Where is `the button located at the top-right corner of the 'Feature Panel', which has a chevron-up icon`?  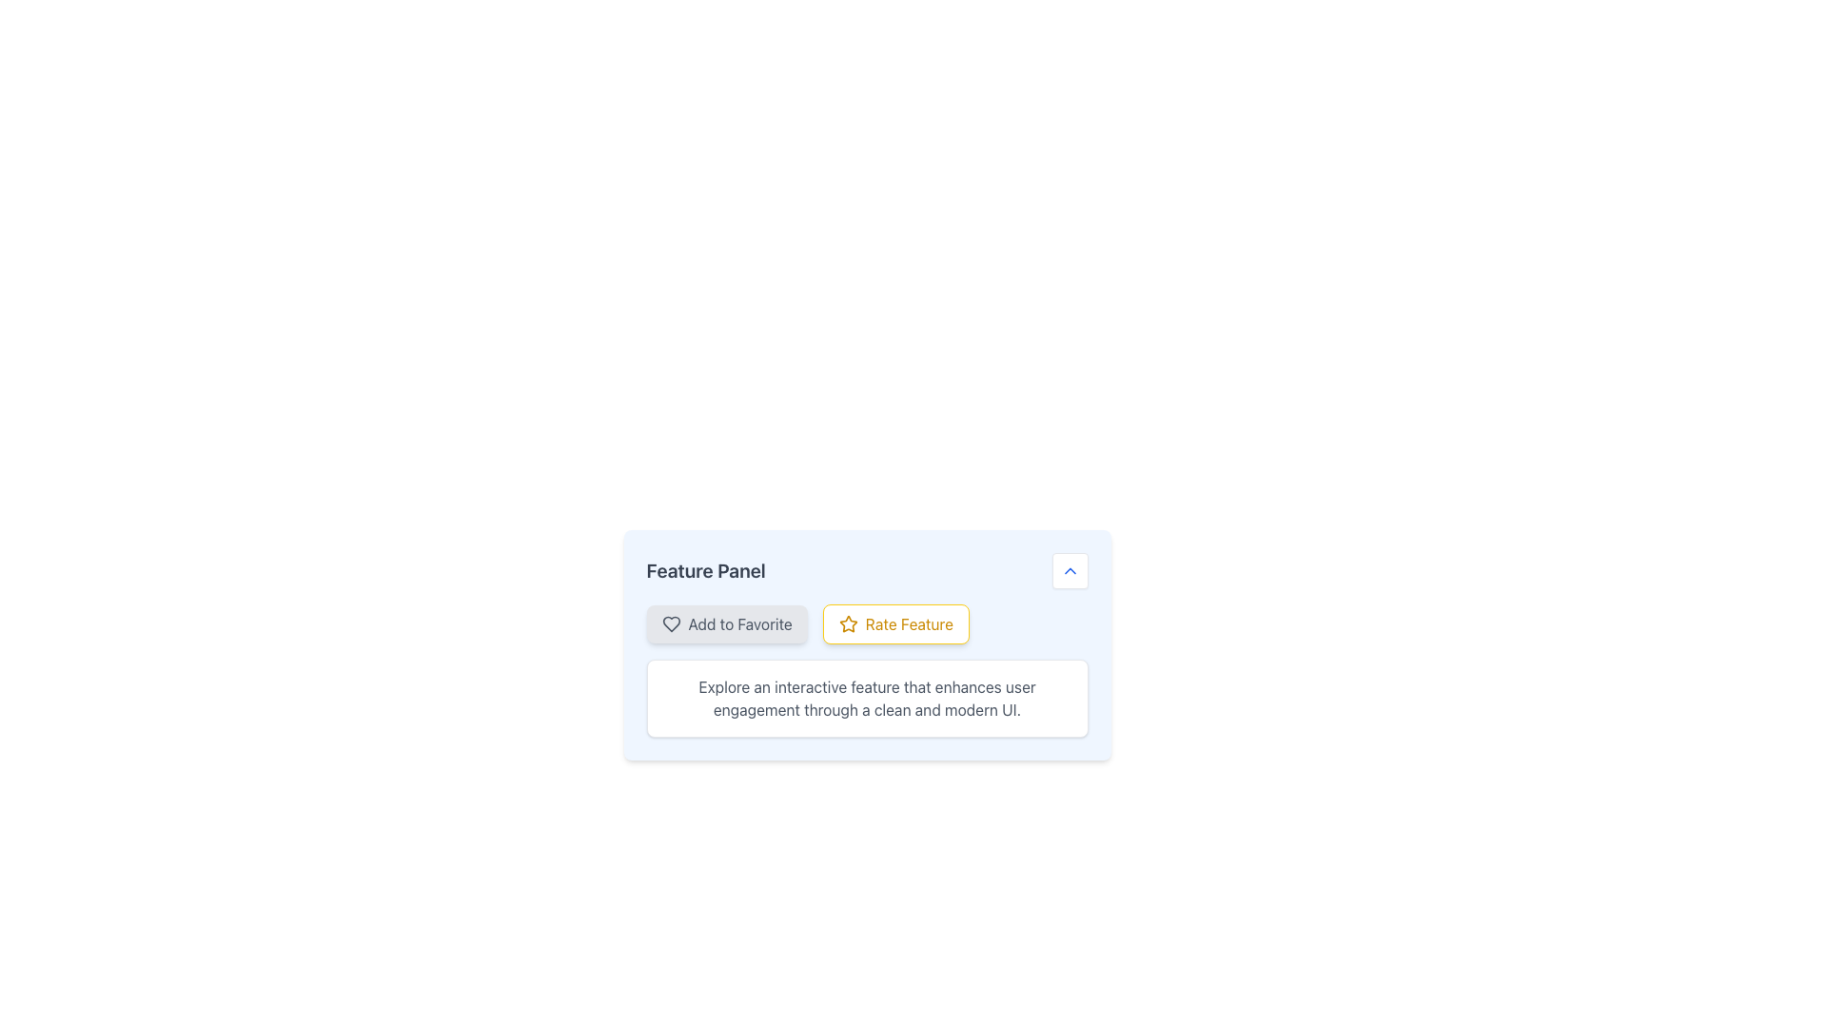
the button located at the top-right corner of the 'Feature Panel', which has a chevron-up icon is located at coordinates (1070, 570).